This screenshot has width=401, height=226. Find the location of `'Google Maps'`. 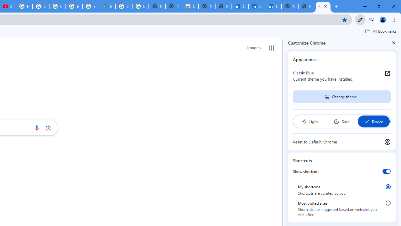

'Google Maps' is located at coordinates (107, 6).